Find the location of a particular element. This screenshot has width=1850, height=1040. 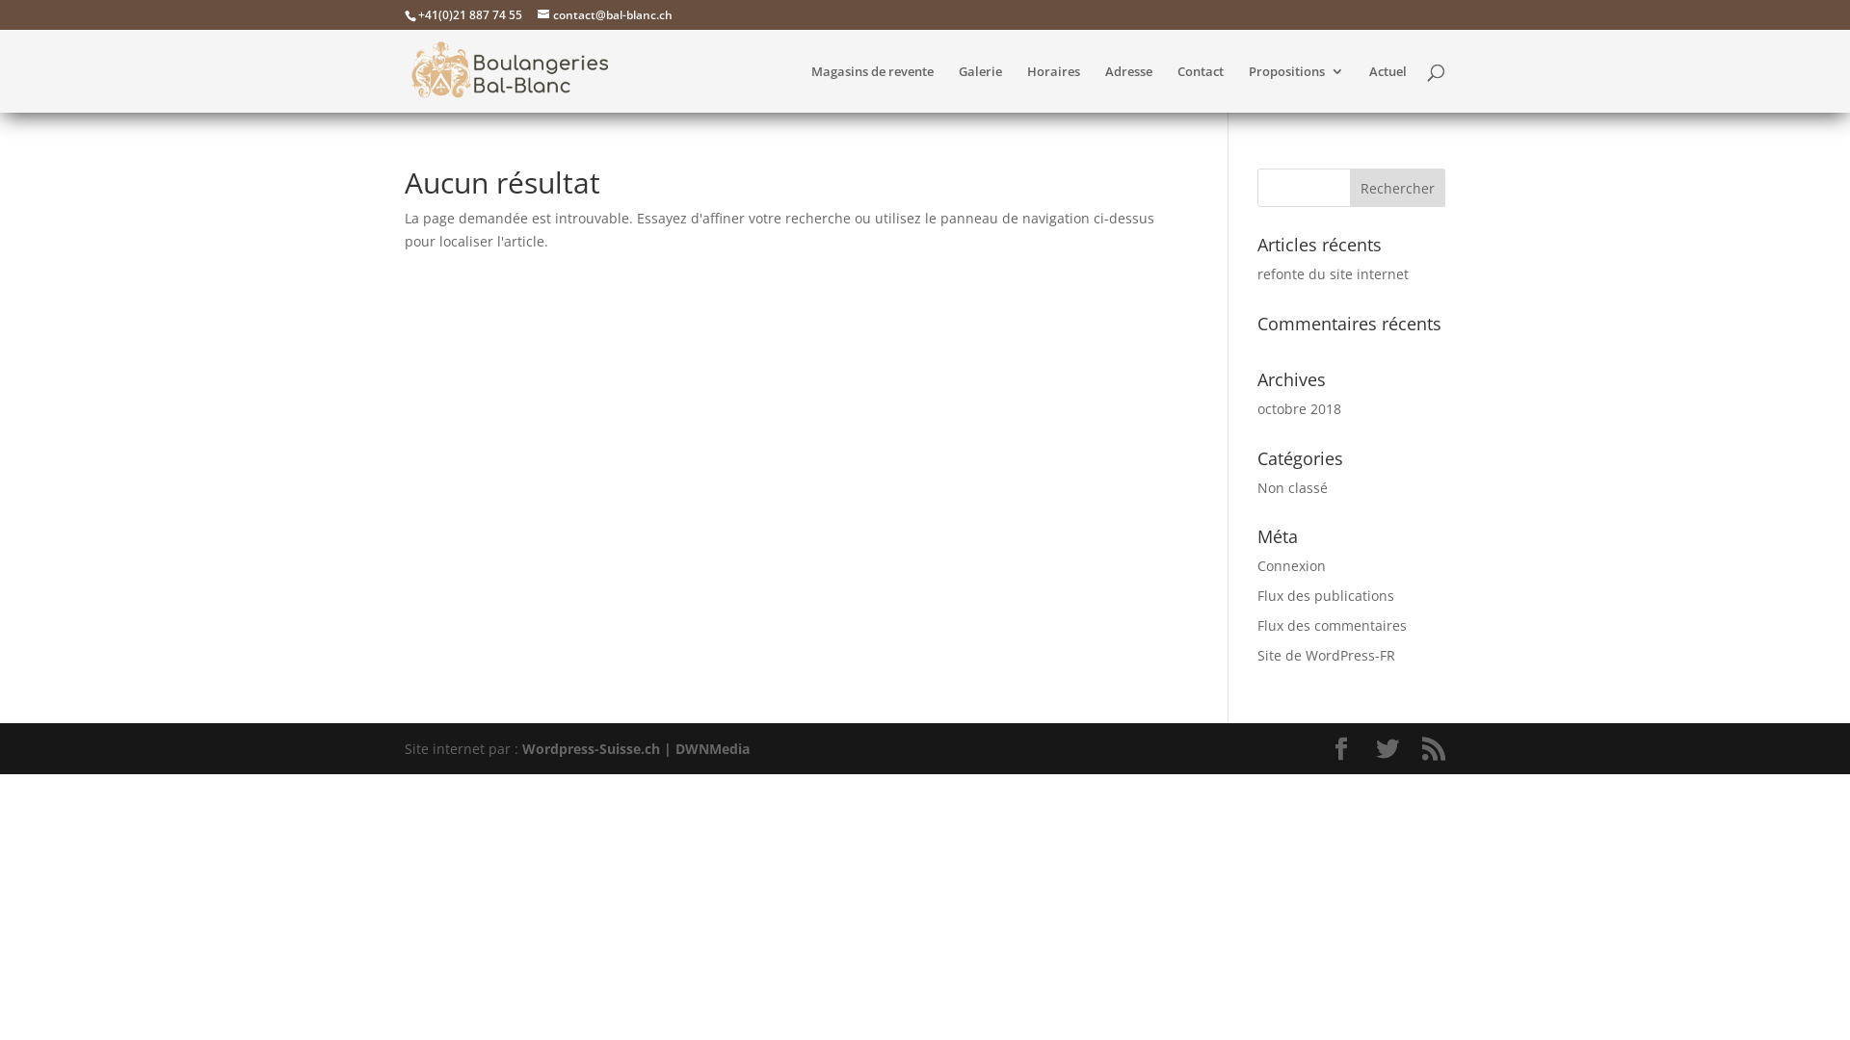

'octobre 2018' is located at coordinates (1299, 407).